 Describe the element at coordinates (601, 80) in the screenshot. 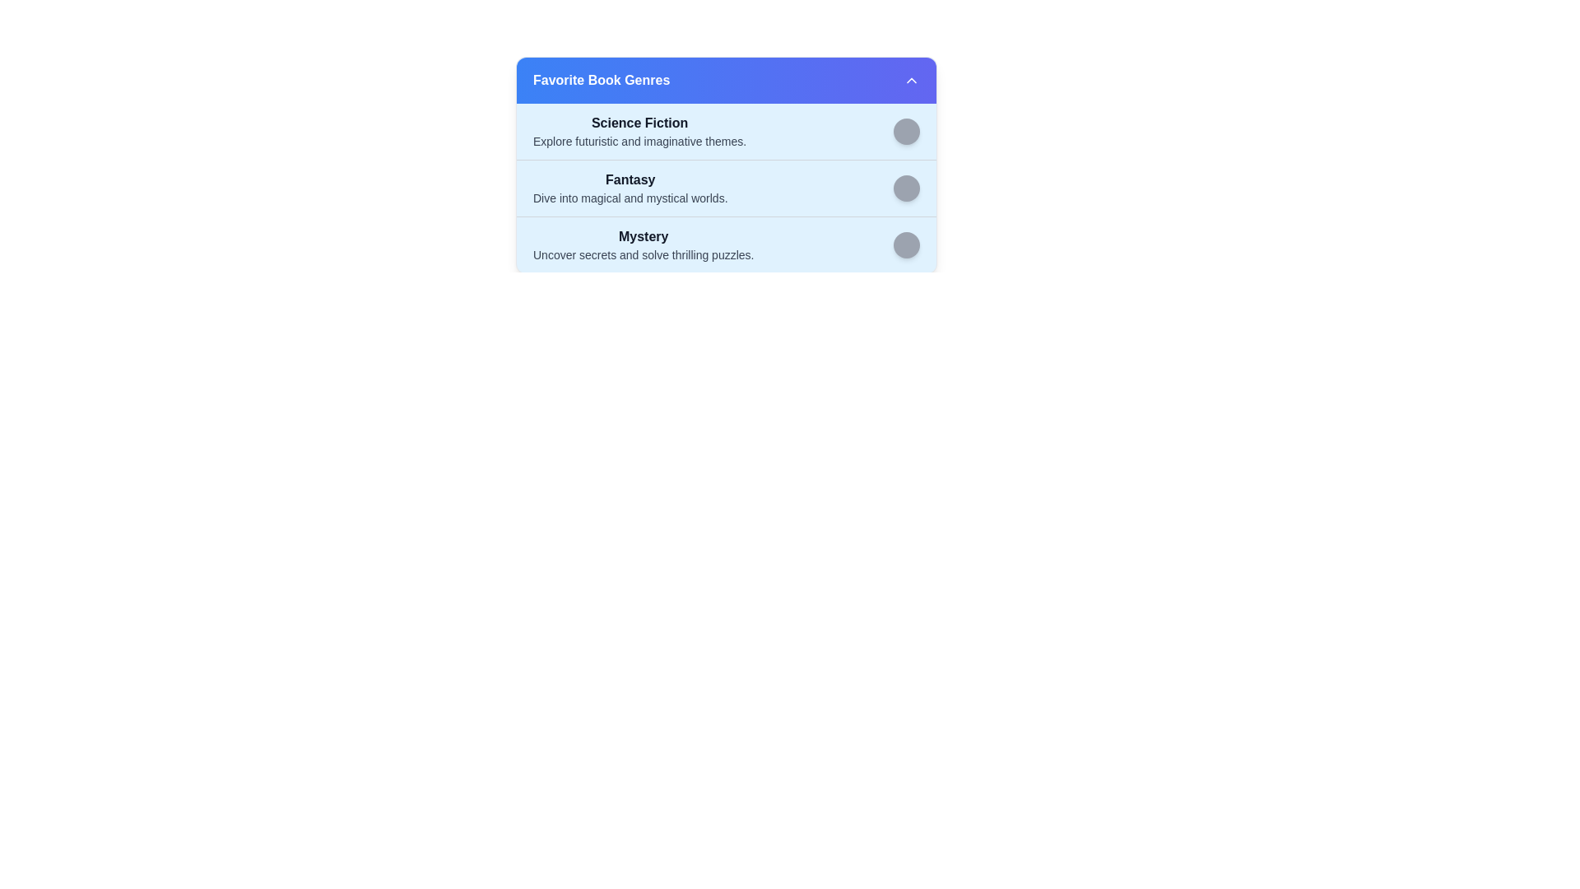

I see `the Text label that serves as the title or heading of the section, providing context about the content below regarding book genres` at that location.